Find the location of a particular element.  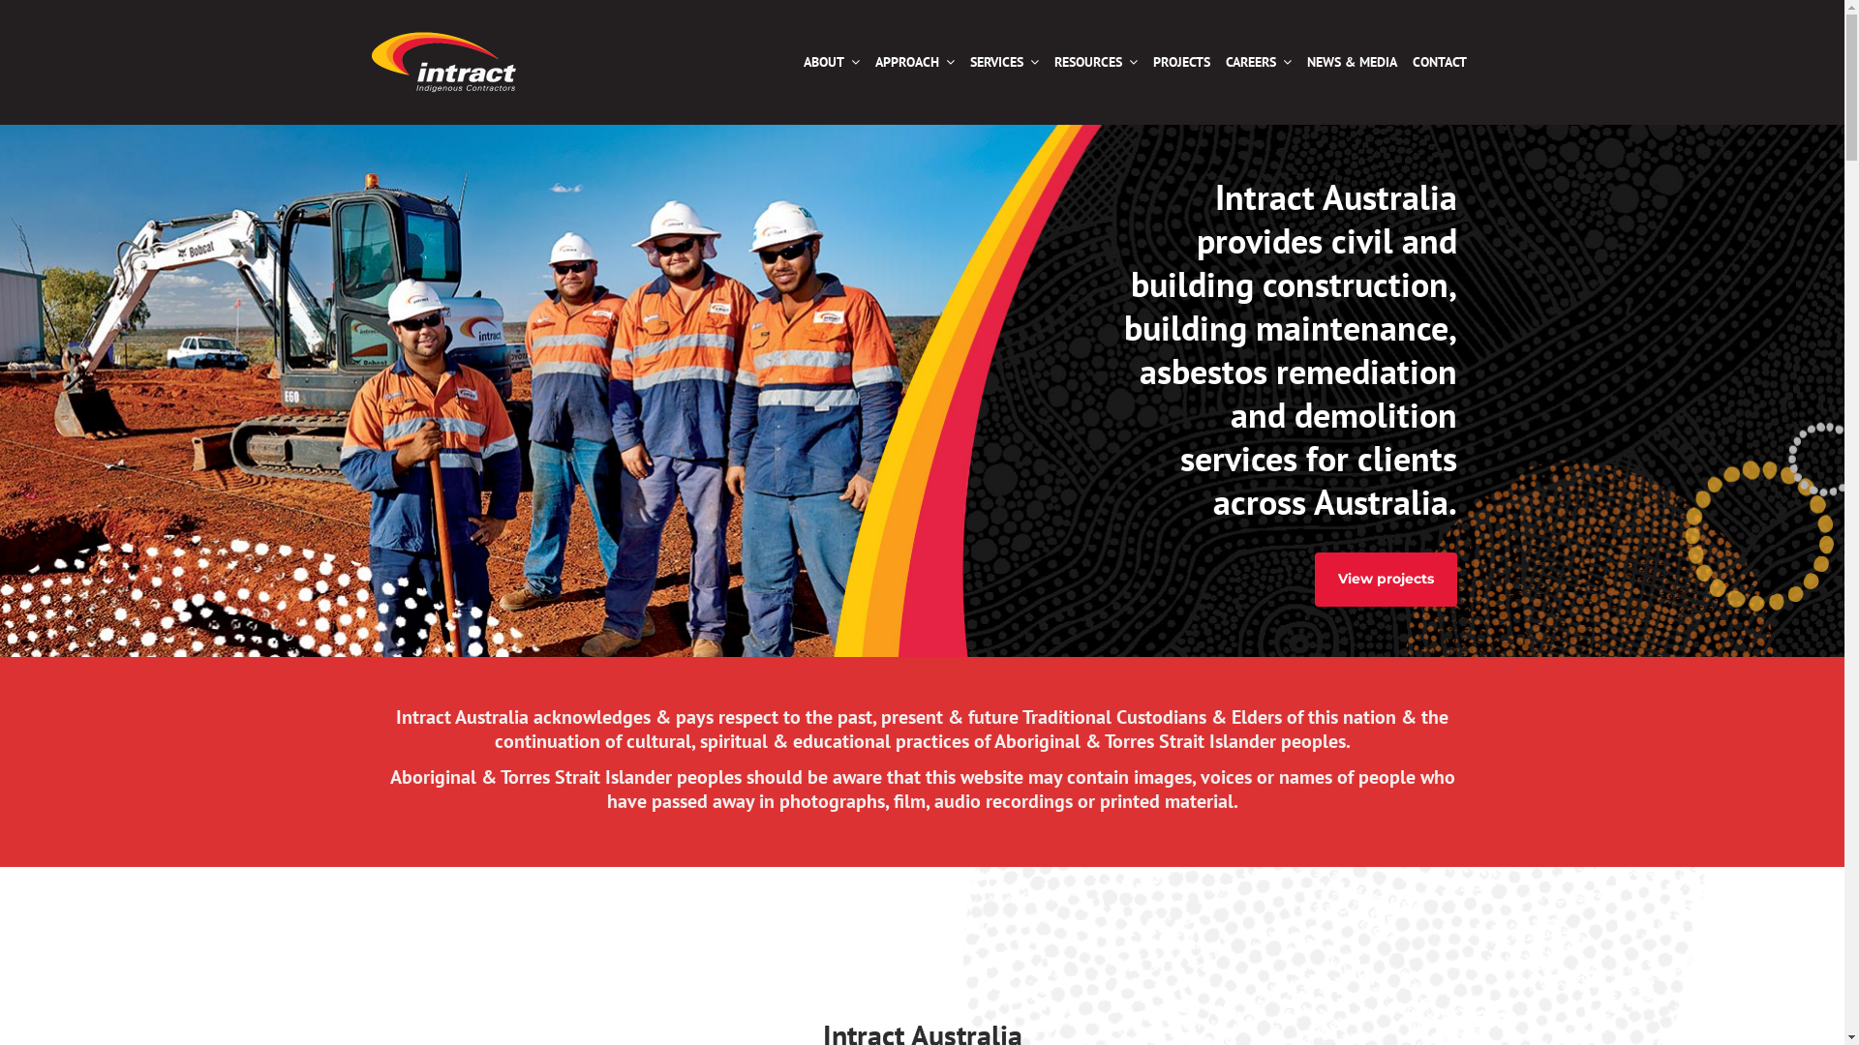

'View projects' is located at coordinates (1385, 578).